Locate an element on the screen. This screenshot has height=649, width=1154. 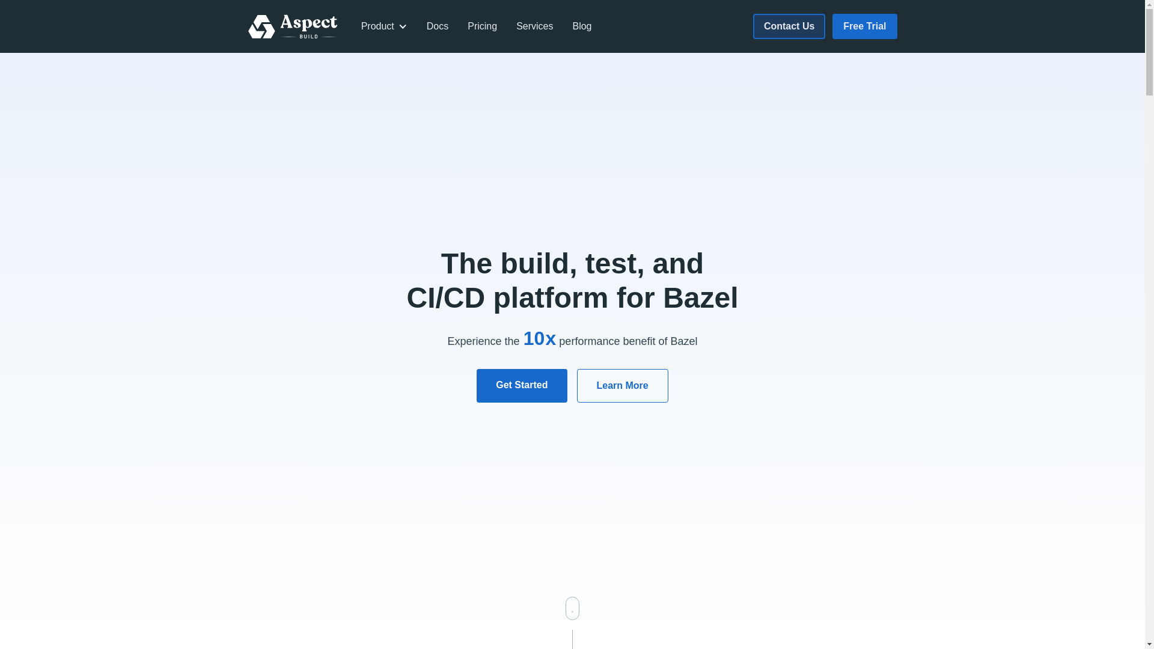
'Blog' is located at coordinates (582, 26).